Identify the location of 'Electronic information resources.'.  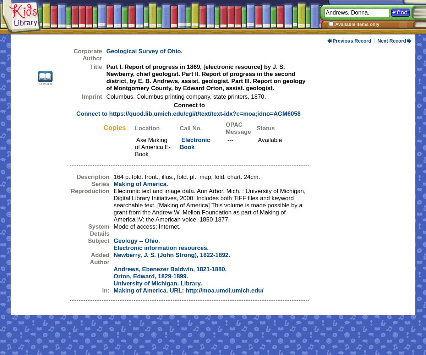
(160, 247).